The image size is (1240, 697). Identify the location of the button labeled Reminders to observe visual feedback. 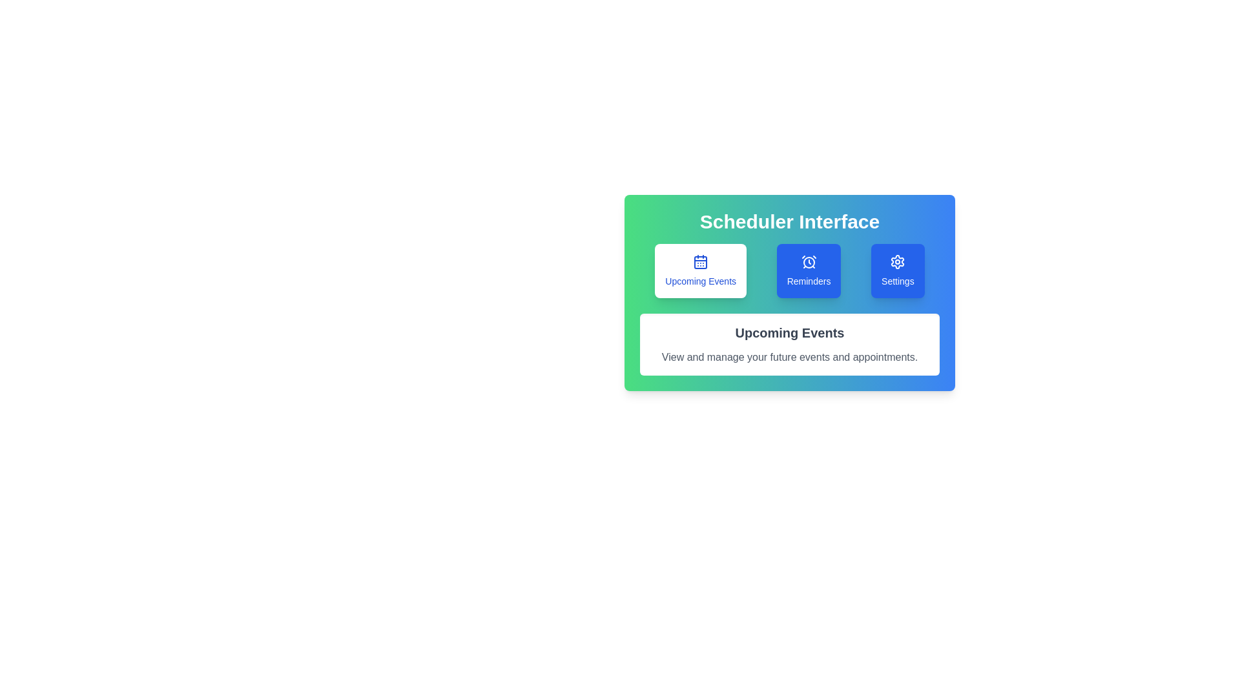
(808, 270).